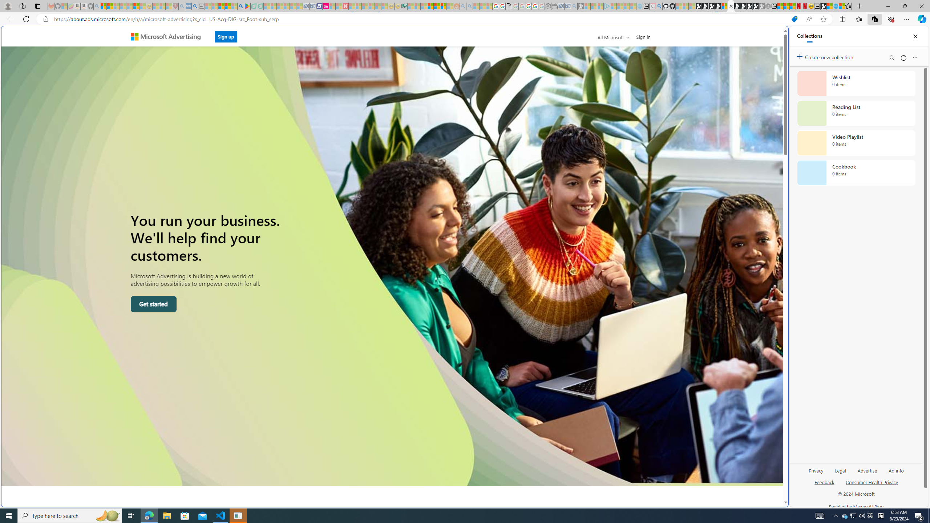 The image size is (930, 523). What do you see at coordinates (430, 6) in the screenshot?
I see `'Expert Portfolios'` at bounding box center [430, 6].